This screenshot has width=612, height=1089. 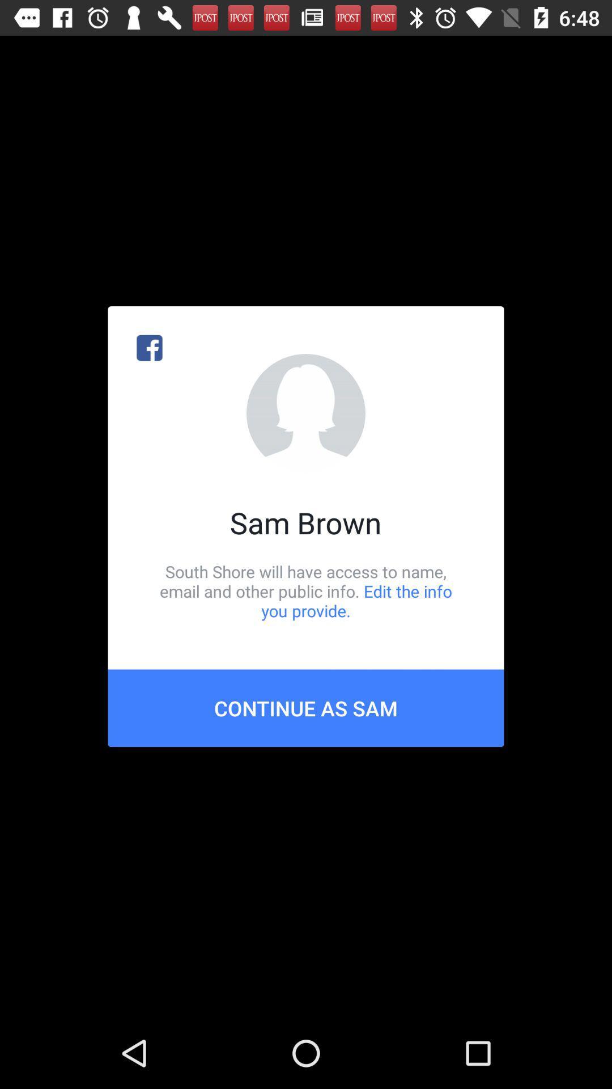 I want to click on icon above the continue as sam, so click(x=306, y=590).